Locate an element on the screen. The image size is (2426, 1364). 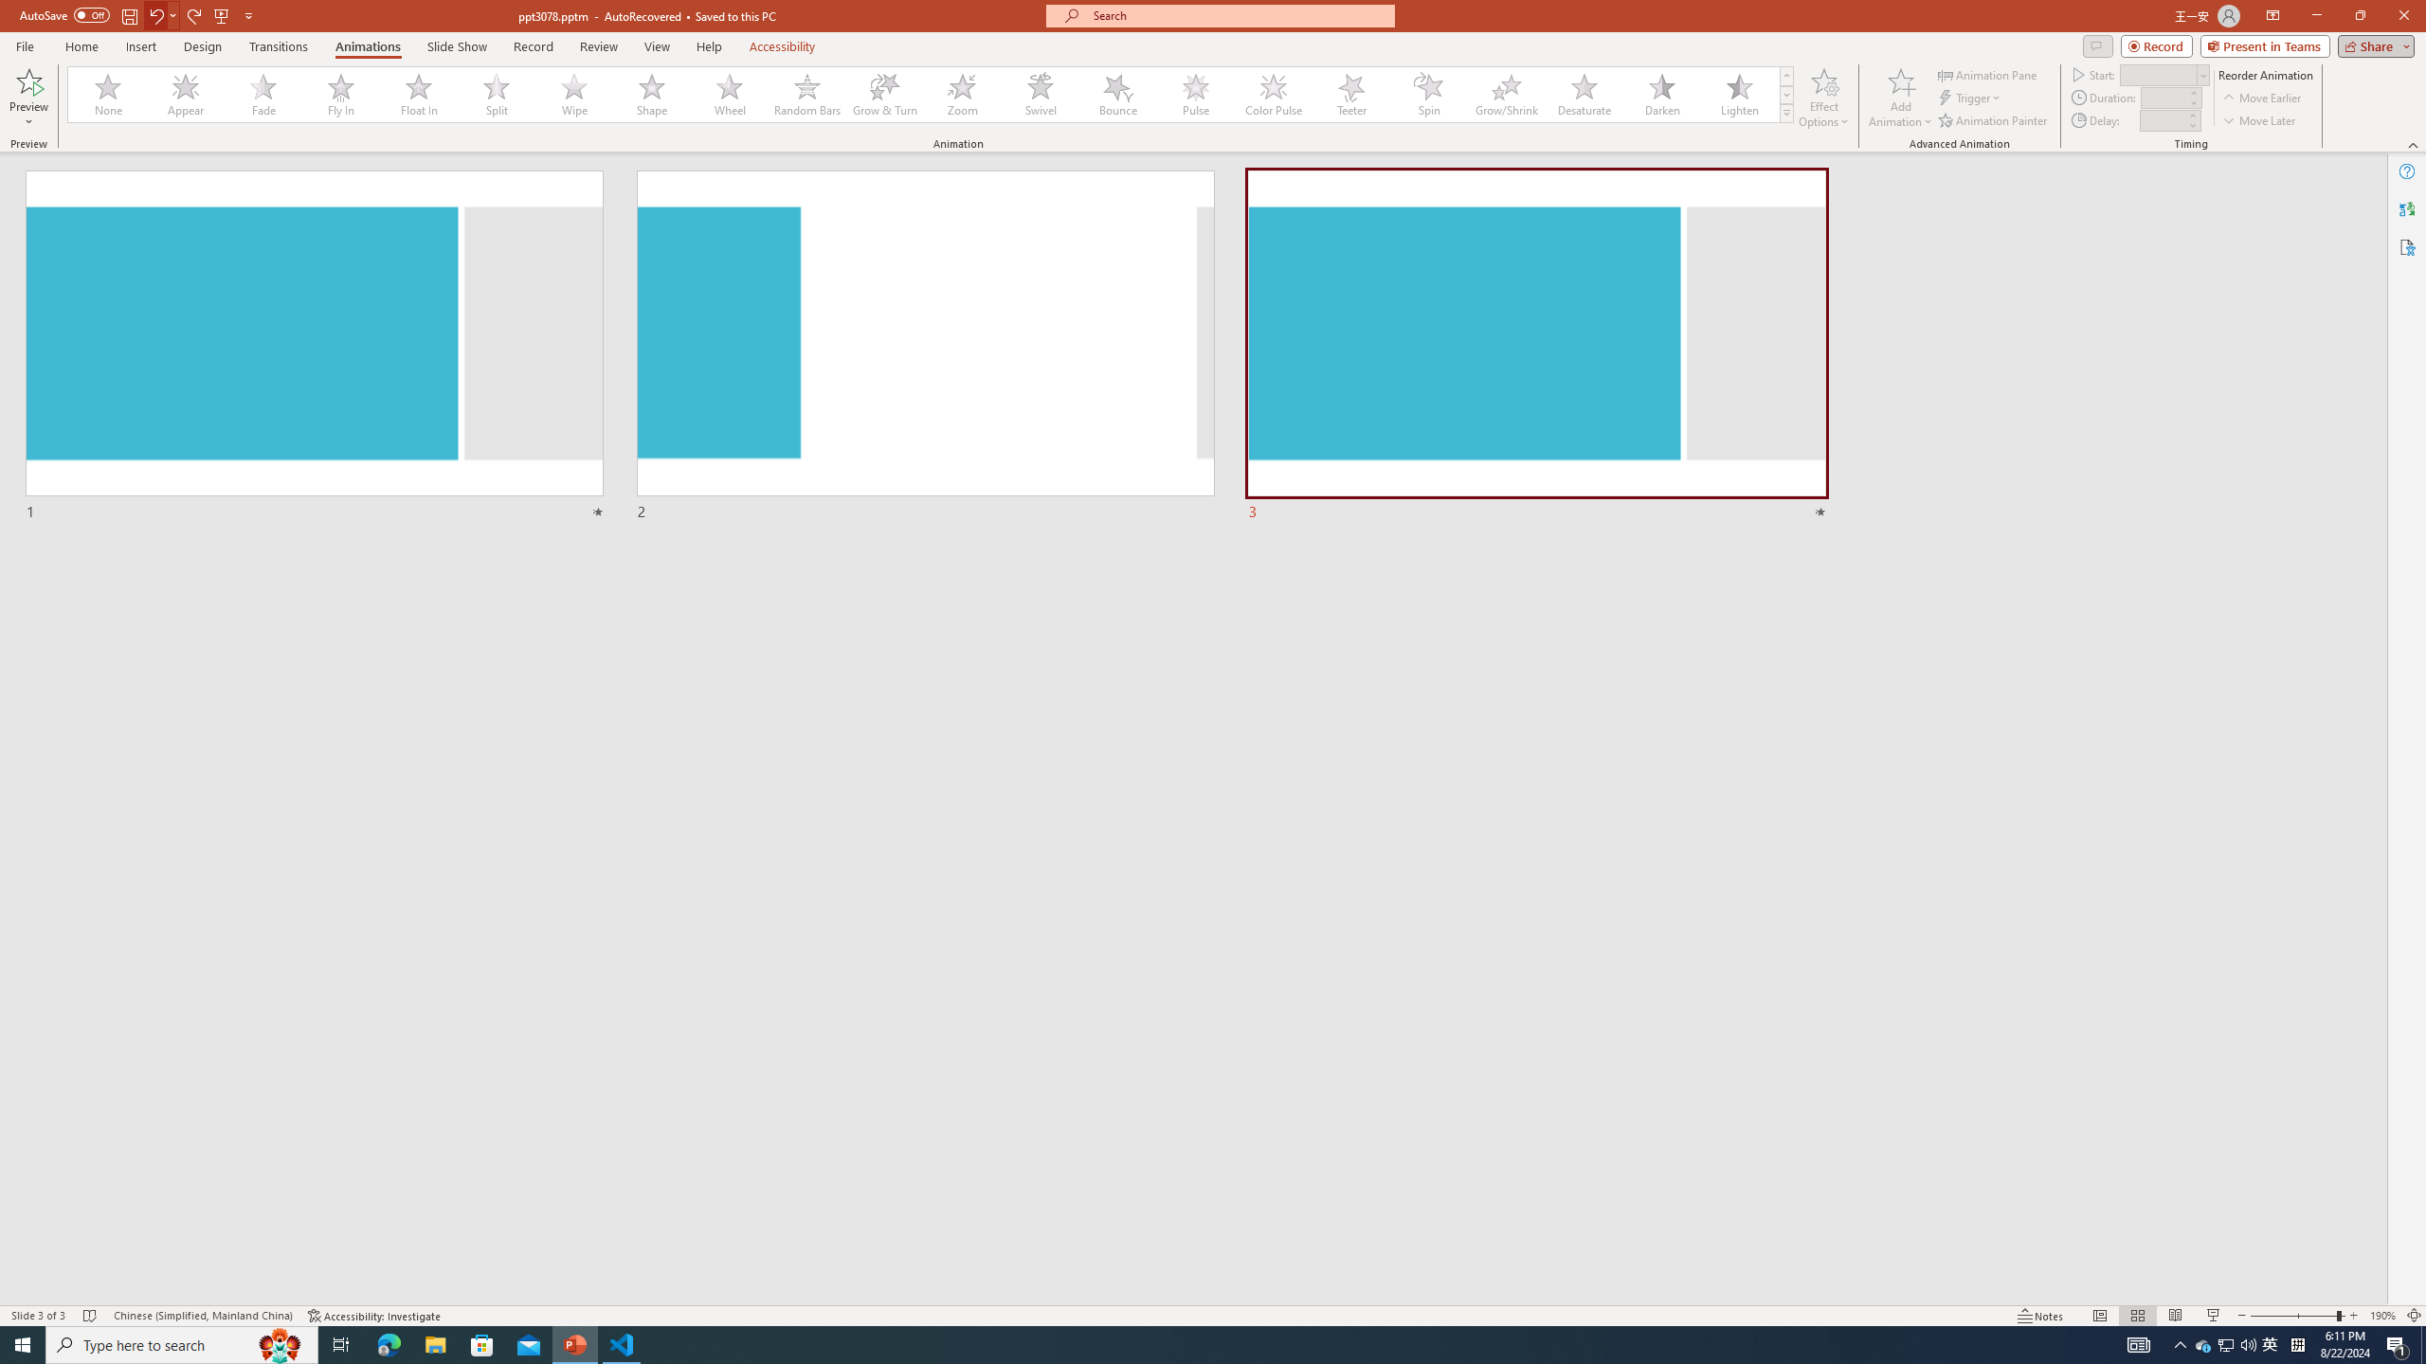
'Animation Duration' is located at coordinates (2163, 97).